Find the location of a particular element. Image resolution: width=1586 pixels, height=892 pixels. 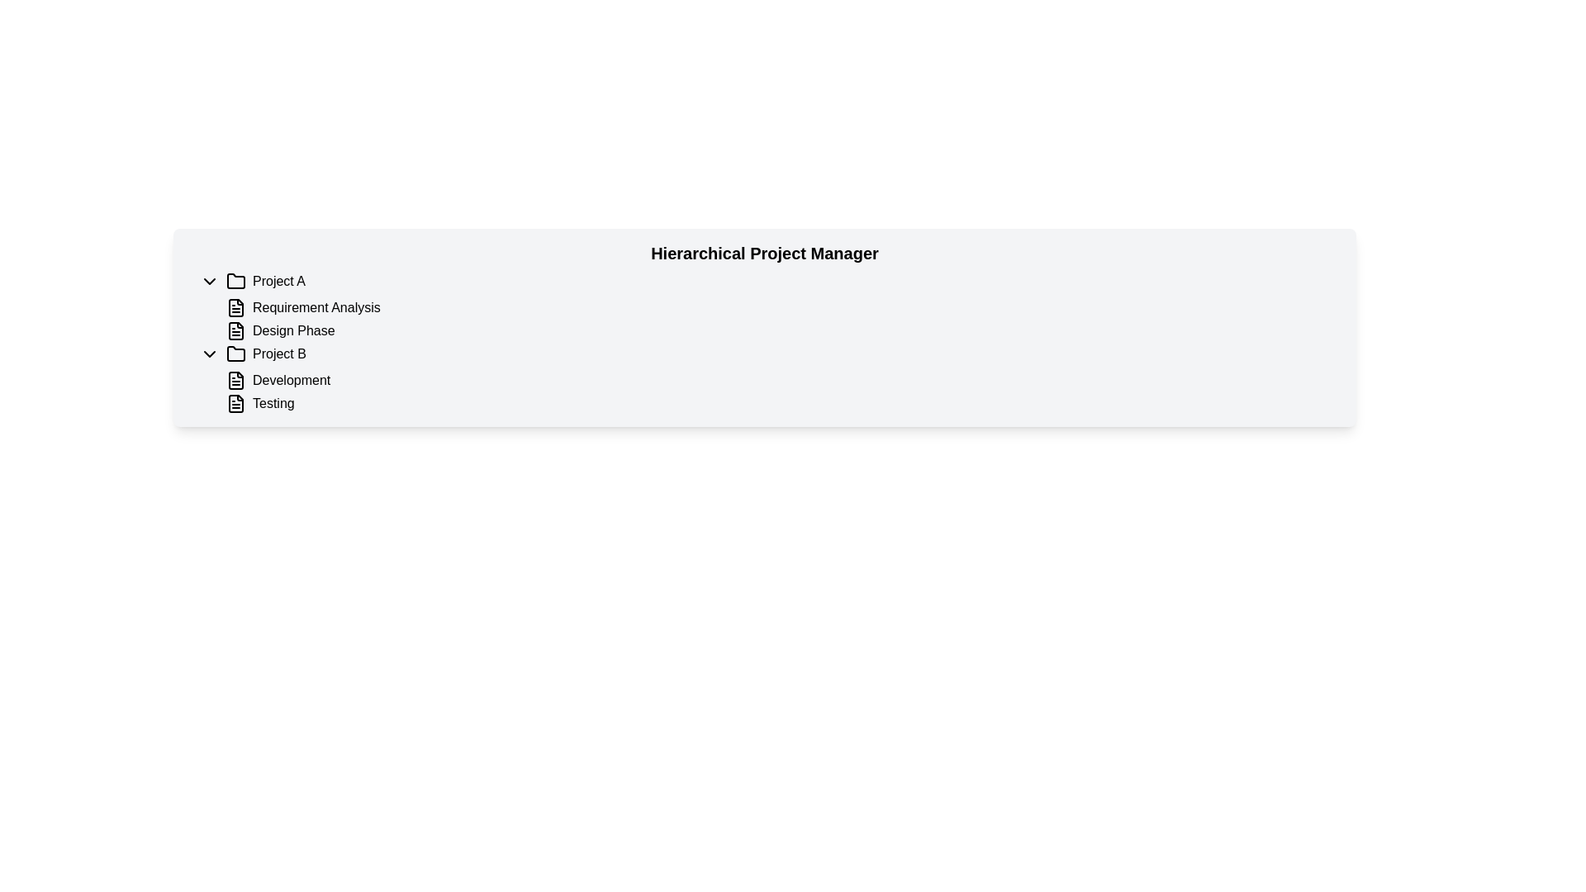

text displayed in the header that says 'Hierarchical Project Manager', which is located at the top-center of the gray box is located at coordinates (764, 254).